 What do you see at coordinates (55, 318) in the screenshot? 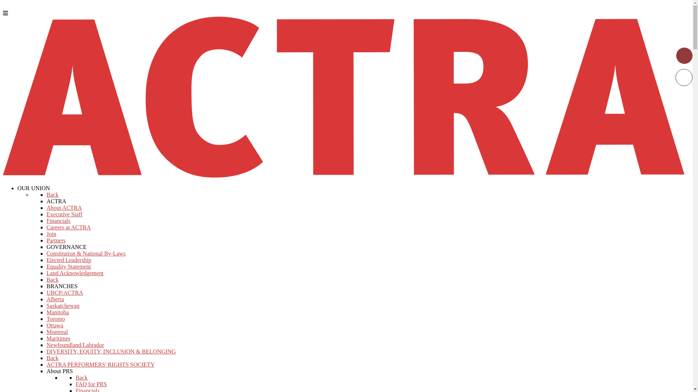
I see `'Toronto'` at bounding box center [55, 318].